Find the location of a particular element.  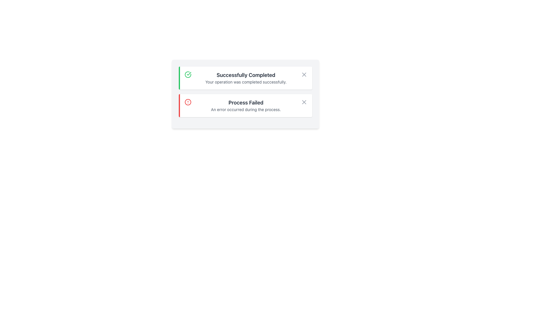

the close button located at the top-right of the 'Process Failed' notification box to change its appearance is located at coordinates (304, 102).